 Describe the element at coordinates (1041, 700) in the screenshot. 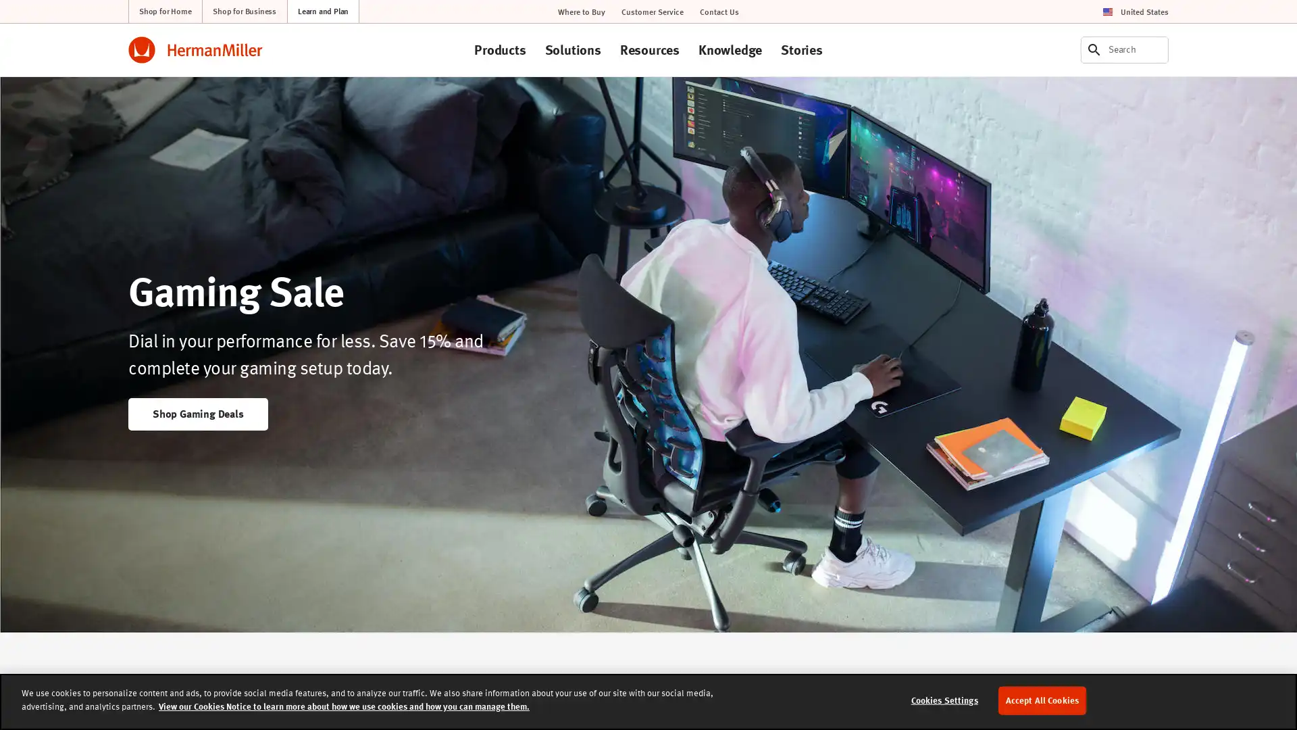

I see `Accept All Cookies` at that location.